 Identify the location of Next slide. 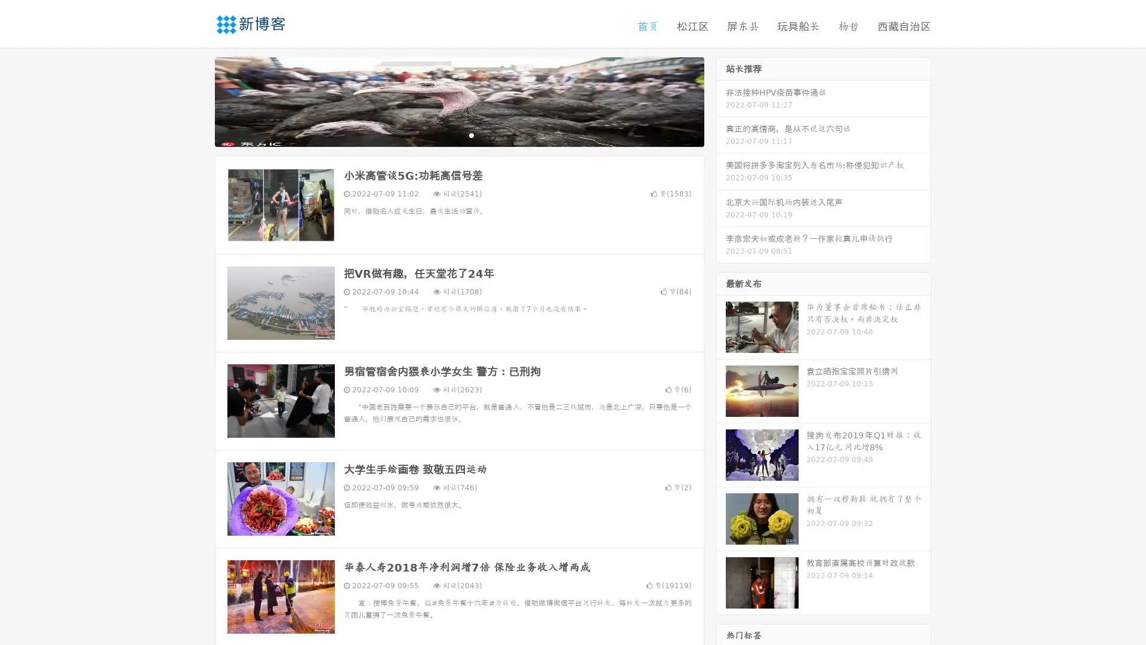
(721, 100).